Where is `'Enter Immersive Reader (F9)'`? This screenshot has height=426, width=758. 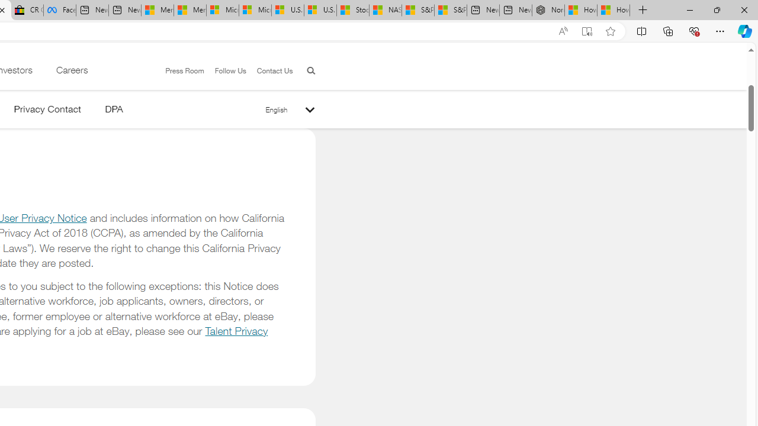
'Enter Immersive Reader (F9)' is located at coordinates (587, 31).